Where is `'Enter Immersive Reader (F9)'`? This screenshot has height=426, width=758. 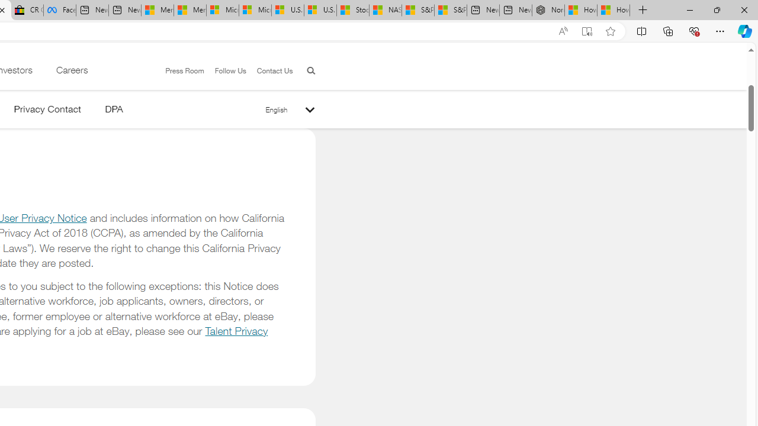
'Enter Immersive Reader (F9)' is located at coordinates (587, 31).